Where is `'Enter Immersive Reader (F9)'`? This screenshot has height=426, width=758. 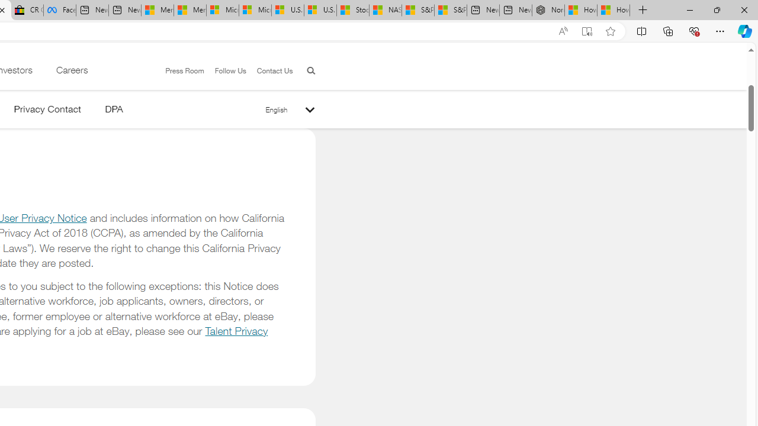
'Enter Immersive Reader (F9)' is located at coordinates (587, 31).